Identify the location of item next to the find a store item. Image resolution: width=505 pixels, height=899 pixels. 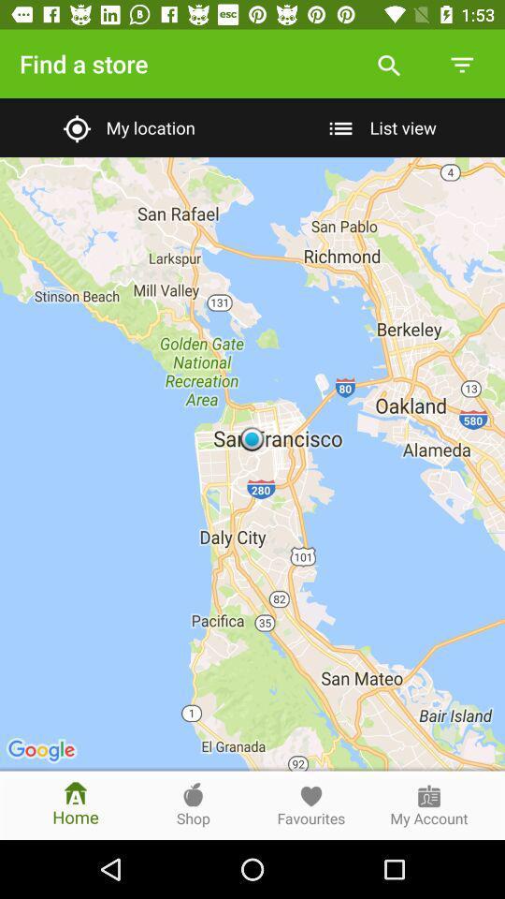
(388, 64).